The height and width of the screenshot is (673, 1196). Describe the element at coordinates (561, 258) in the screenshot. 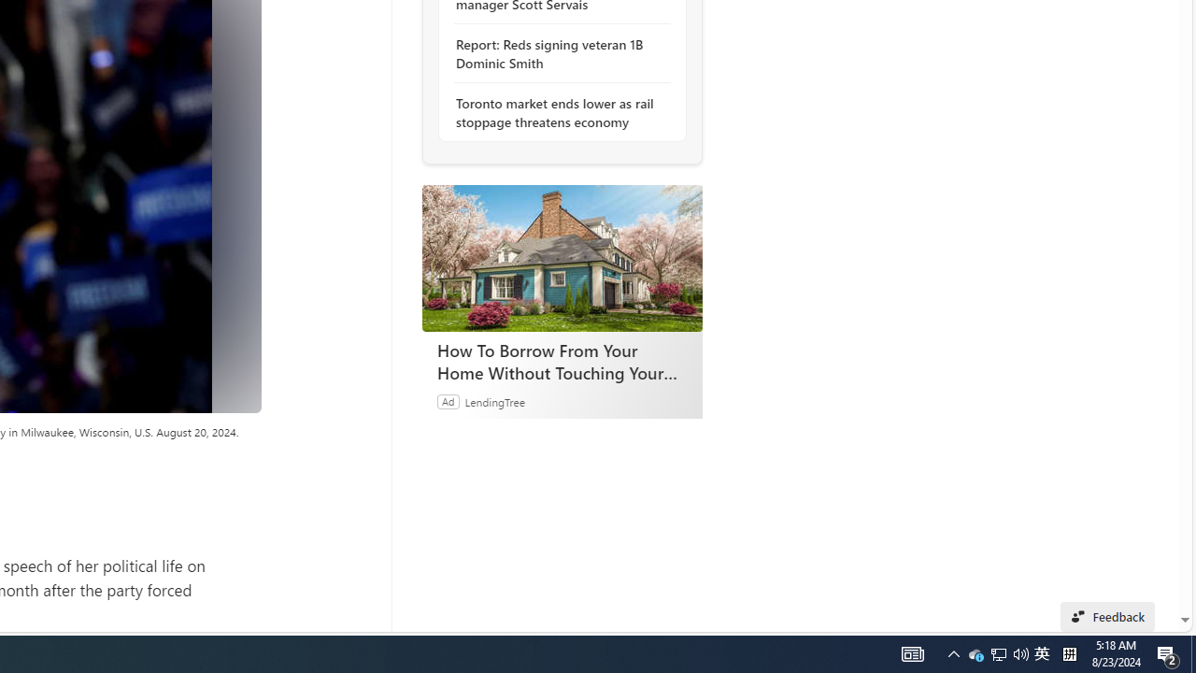

I see `'How To Borrow From Your Home Without Touching Your Mortgage'` at that location.